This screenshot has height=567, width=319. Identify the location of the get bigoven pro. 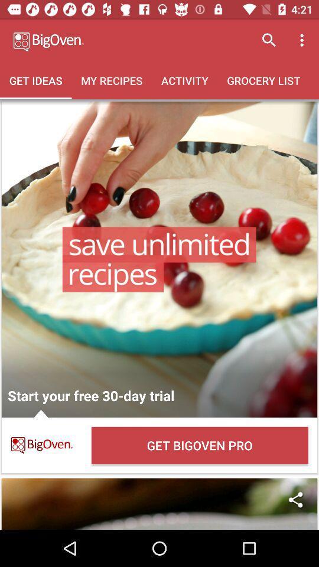
(199, 445).